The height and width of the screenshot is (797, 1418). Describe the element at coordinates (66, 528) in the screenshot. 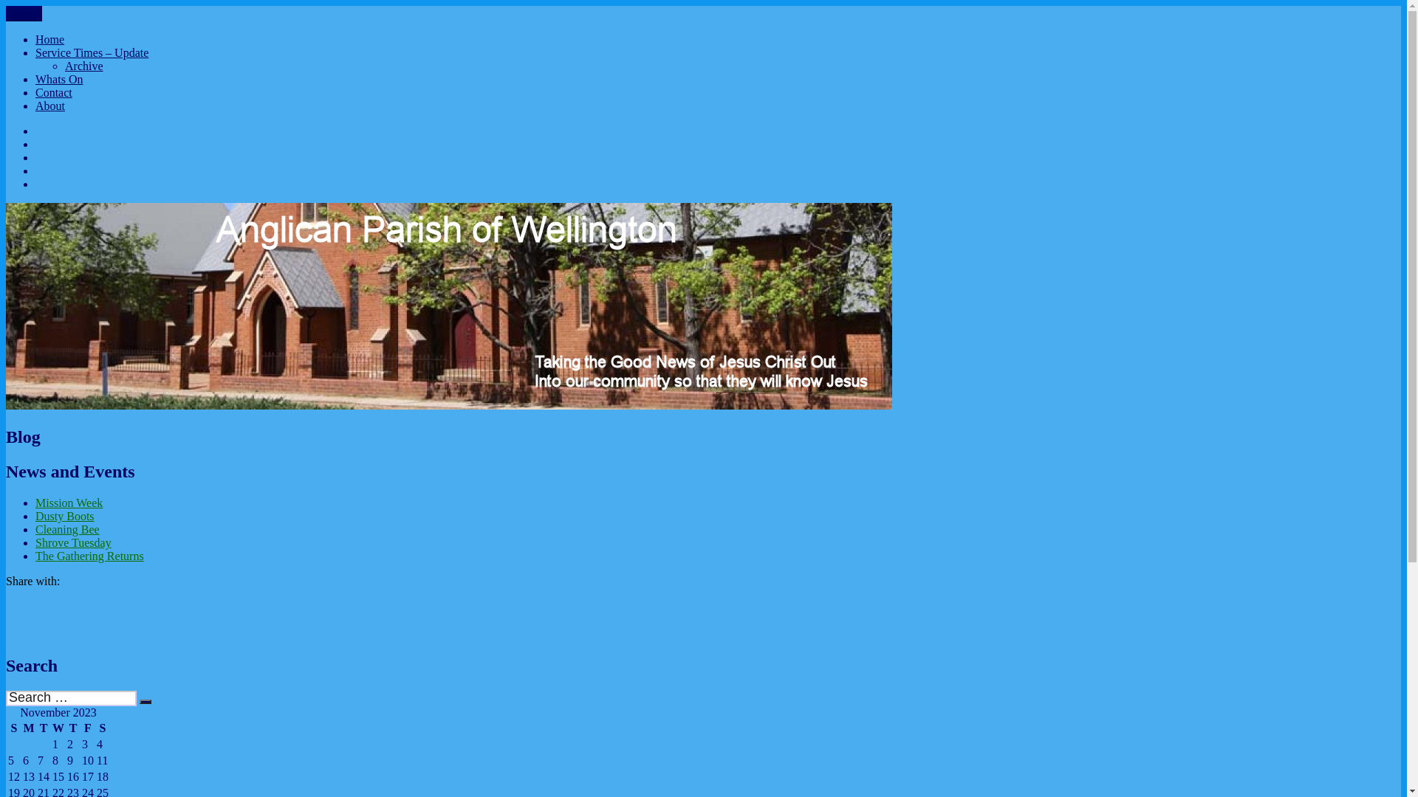

I see `'Cleaning Bee'` at that location.